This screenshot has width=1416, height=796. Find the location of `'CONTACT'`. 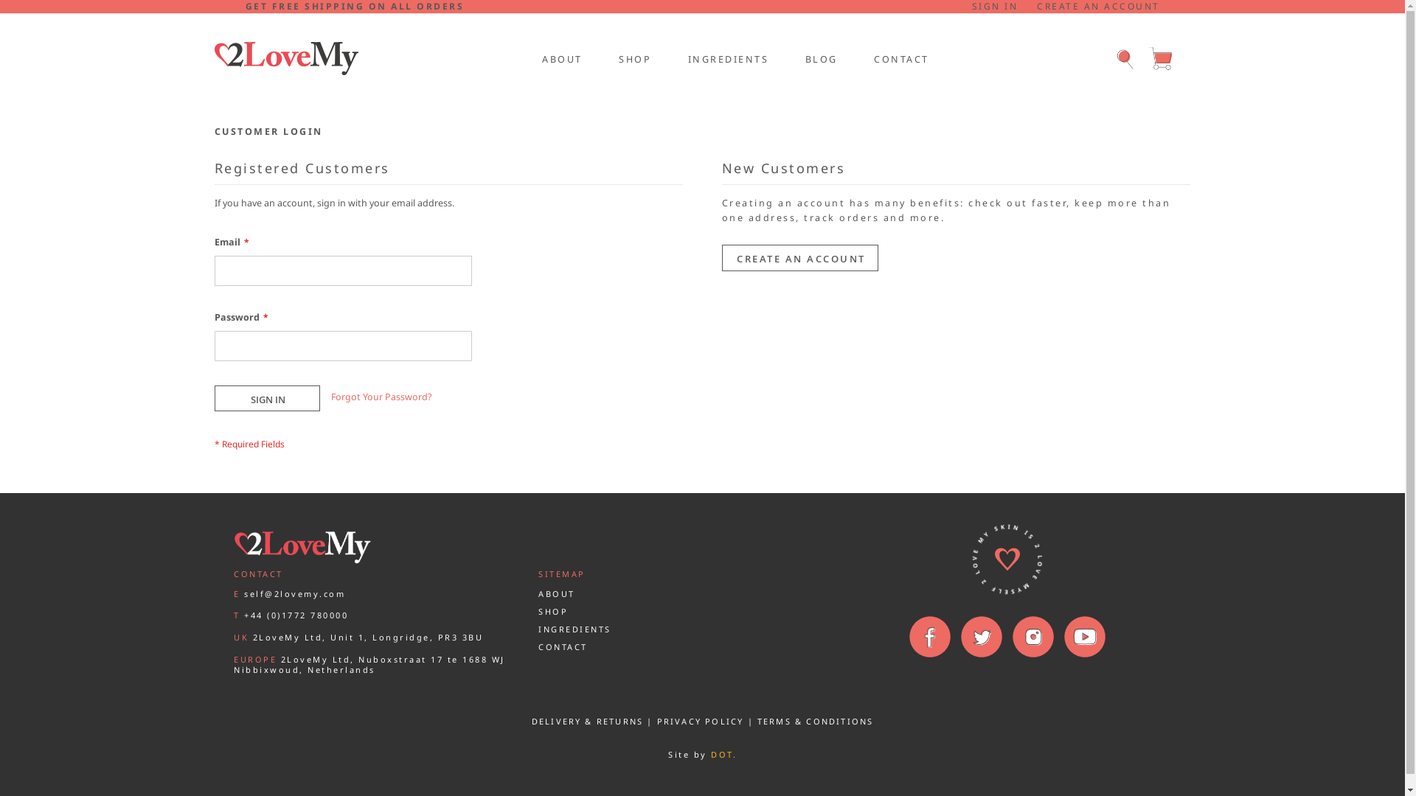

'CONTACT' is located at coordinates (562, 646).